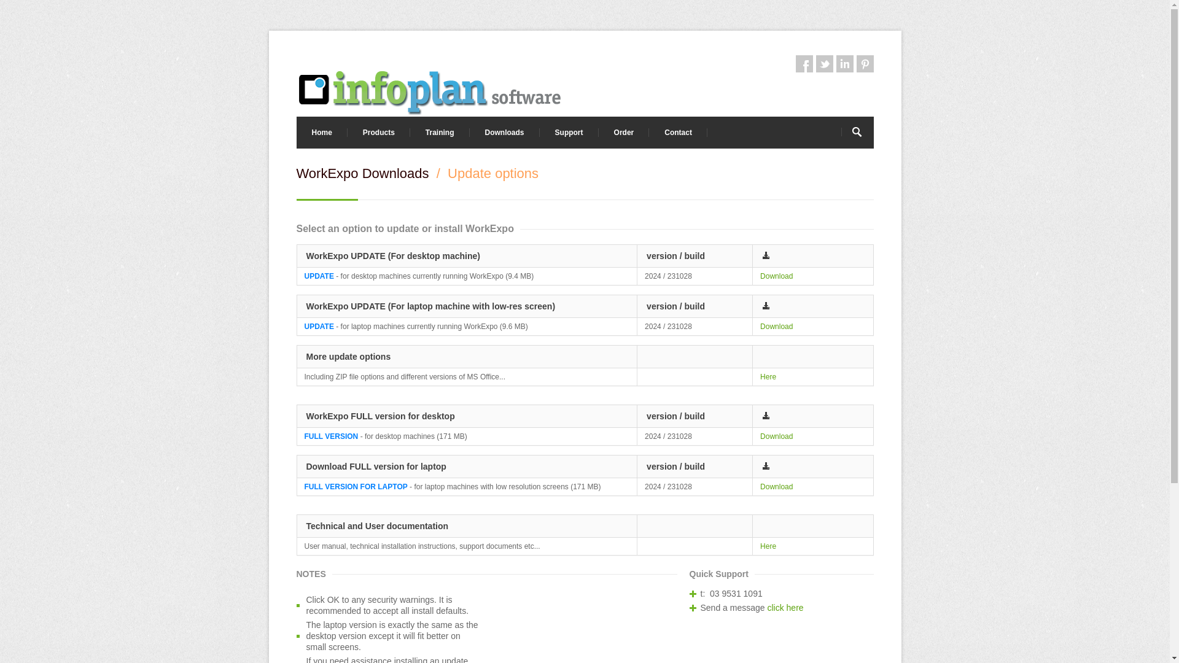  I want to click on 'Training', so click(440, 133).